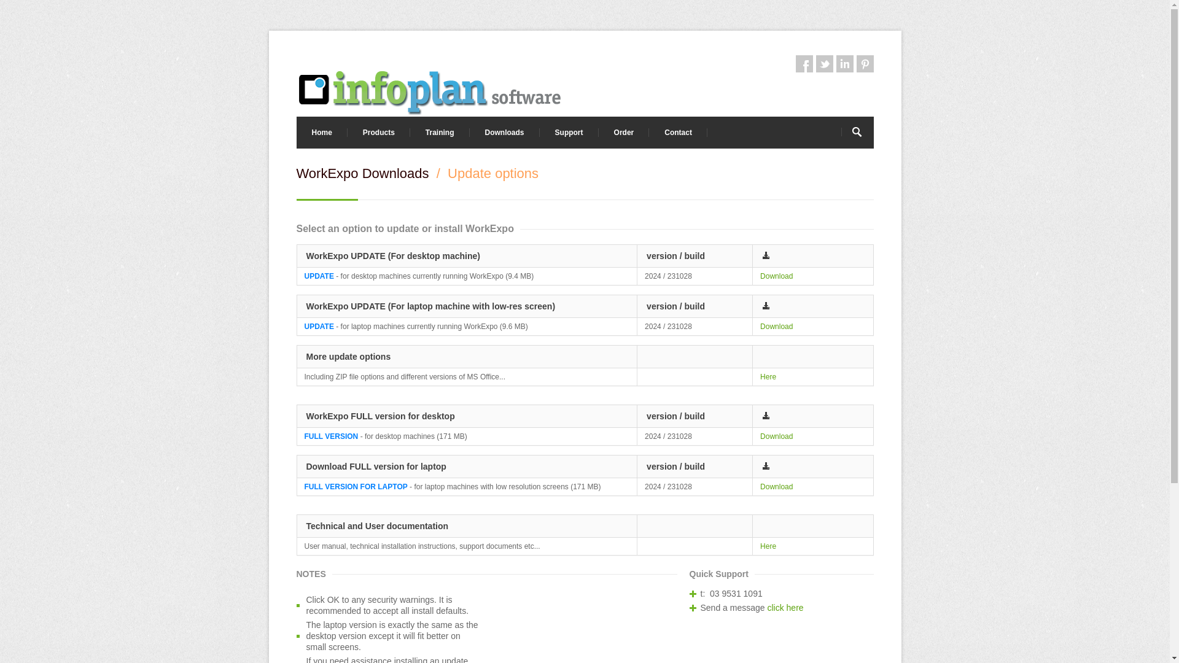  I want to click on 'Training', so click(440, 133).